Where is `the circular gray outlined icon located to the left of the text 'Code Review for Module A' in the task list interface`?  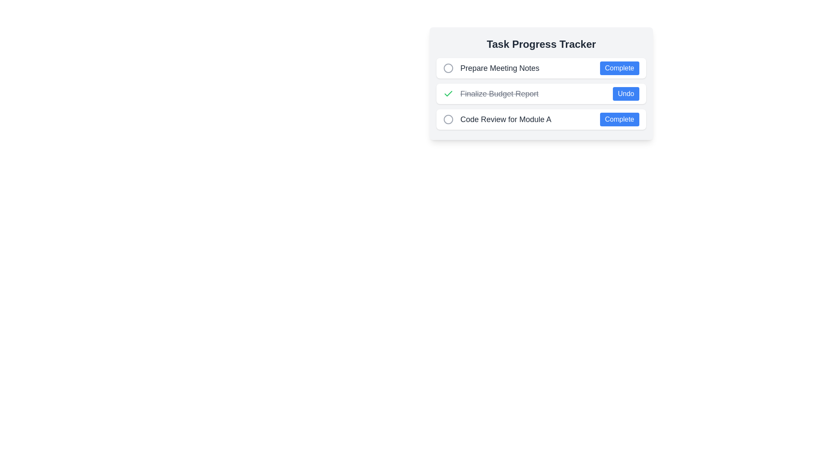 the circular gray outlined icon located to the left of the text 'Code Review for Module A' in the task list interface is located at coordinates (448, 120).